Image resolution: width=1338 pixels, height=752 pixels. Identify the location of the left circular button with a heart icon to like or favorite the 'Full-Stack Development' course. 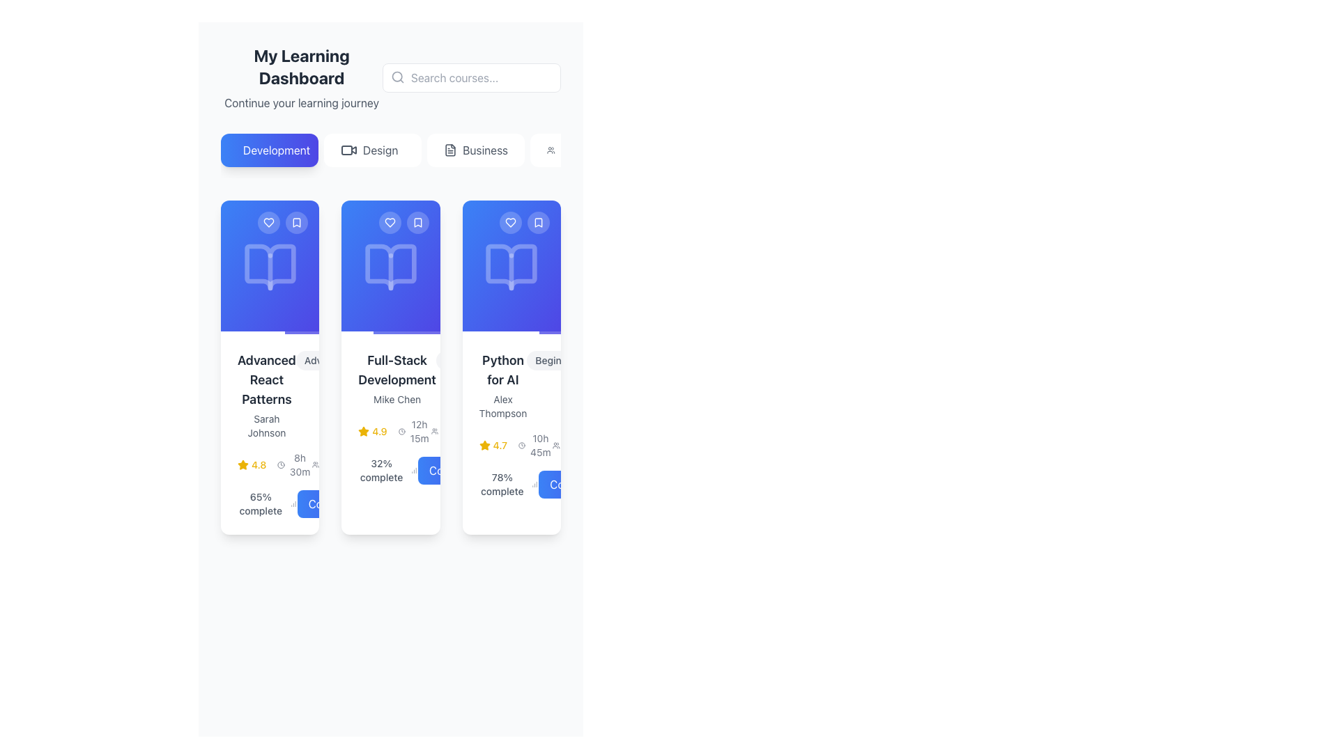
(403, 222).